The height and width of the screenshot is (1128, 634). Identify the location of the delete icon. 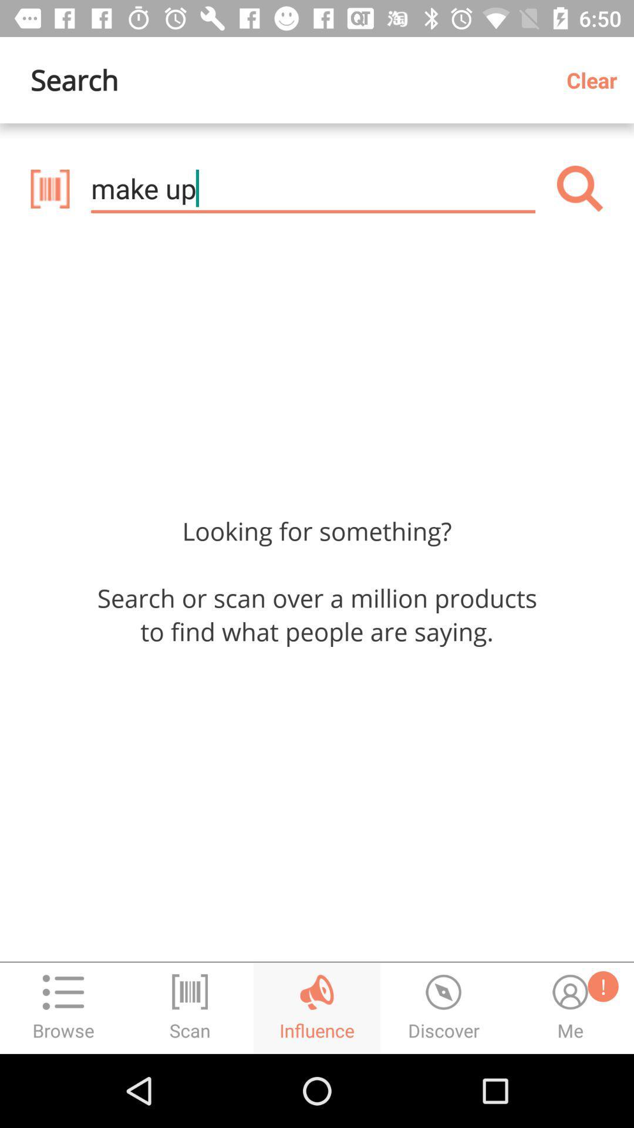
(49, 189).